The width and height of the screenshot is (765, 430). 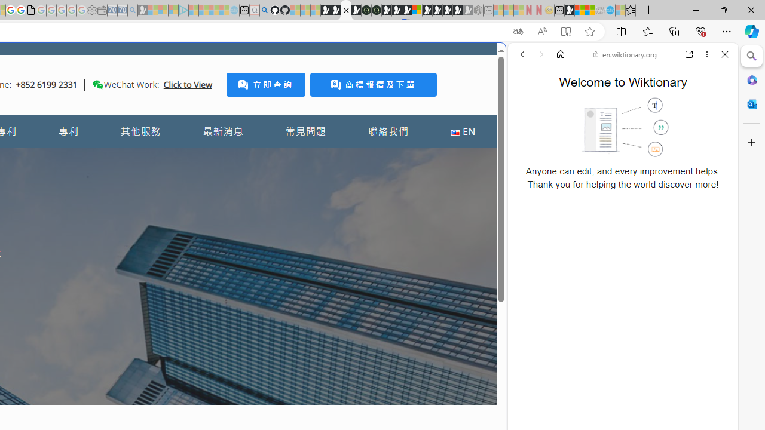 I want to click on 'Sign in to your account', so click(x=417, y=10).